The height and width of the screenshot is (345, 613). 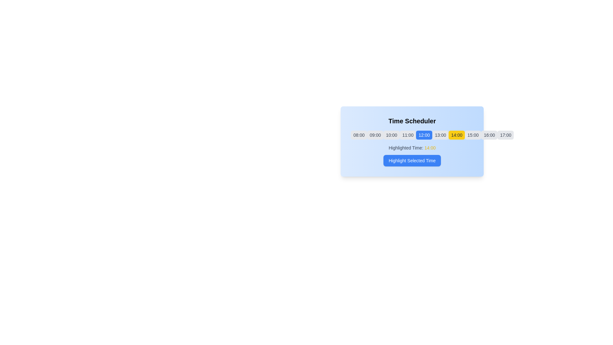 I want to click on through the horizontal list of selectable time slots, which are arranged in rounded rectangles, so click(x=412, y=135).